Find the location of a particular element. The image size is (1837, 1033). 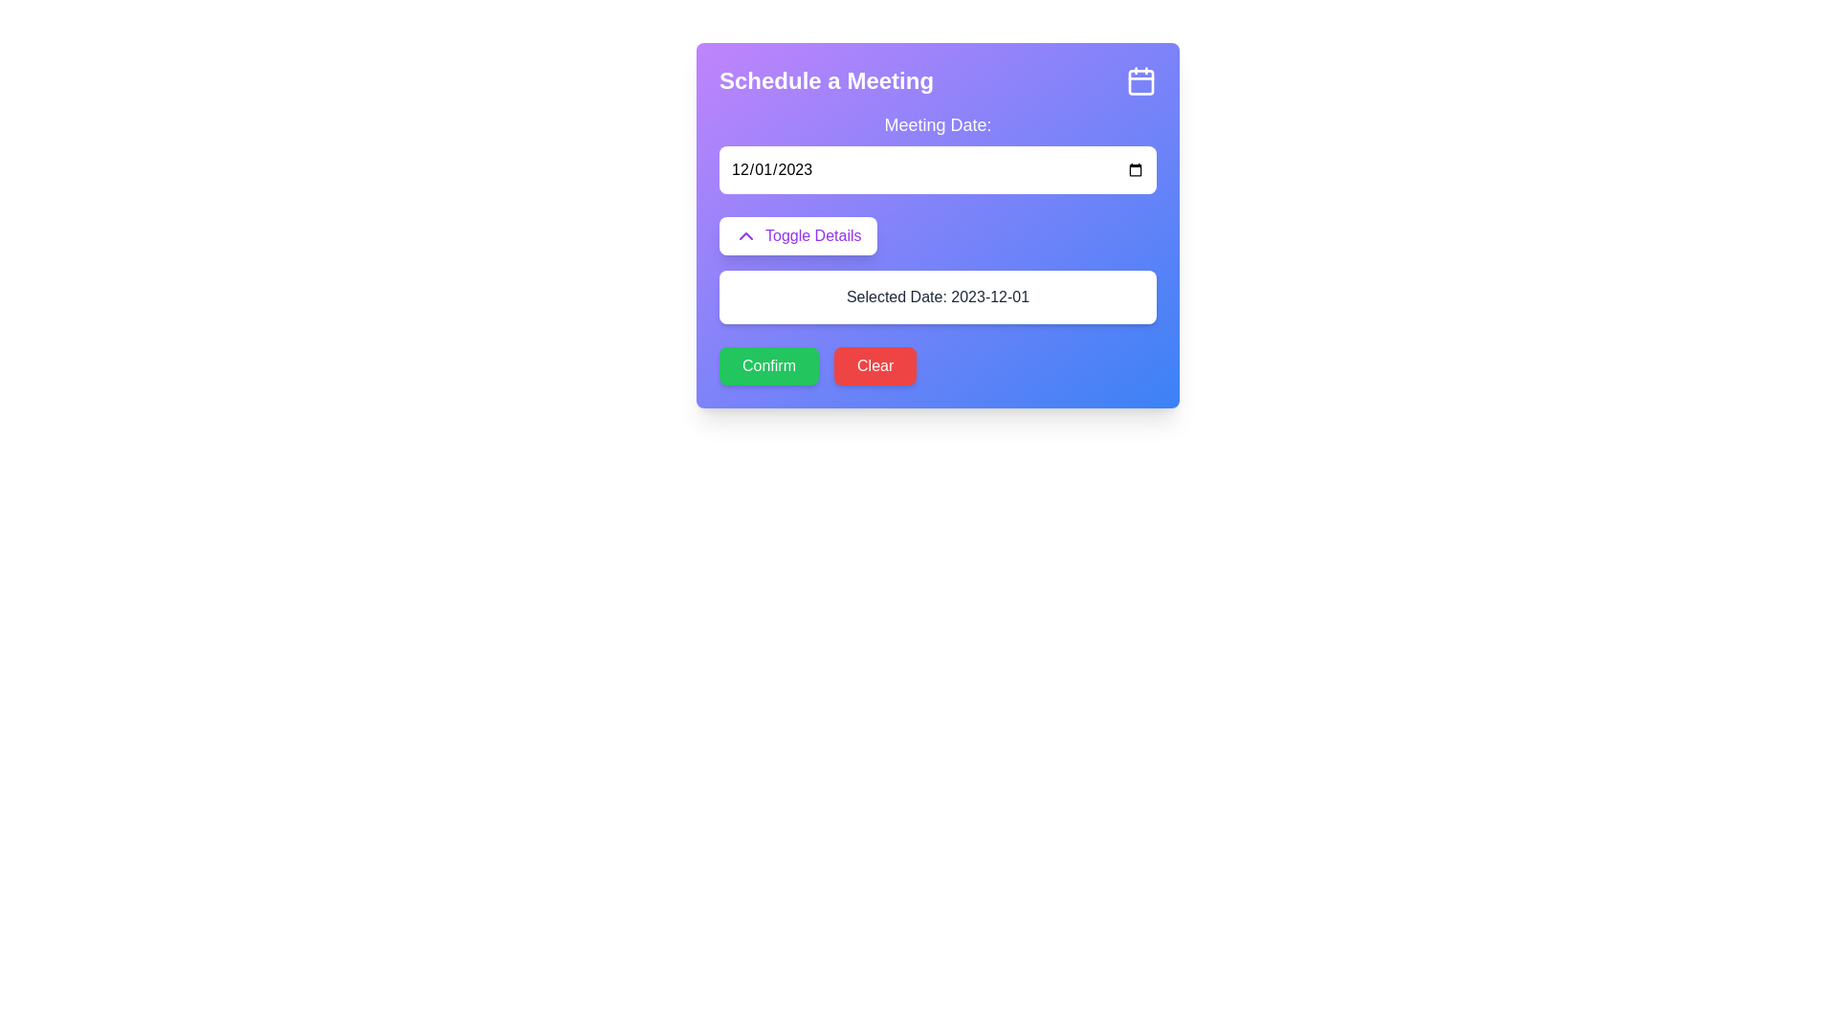

the 'Clear' button located to the right of the 'Confirm' button in the bottom-right section of the main UI to change its background color is located at coordinates (874, 365).